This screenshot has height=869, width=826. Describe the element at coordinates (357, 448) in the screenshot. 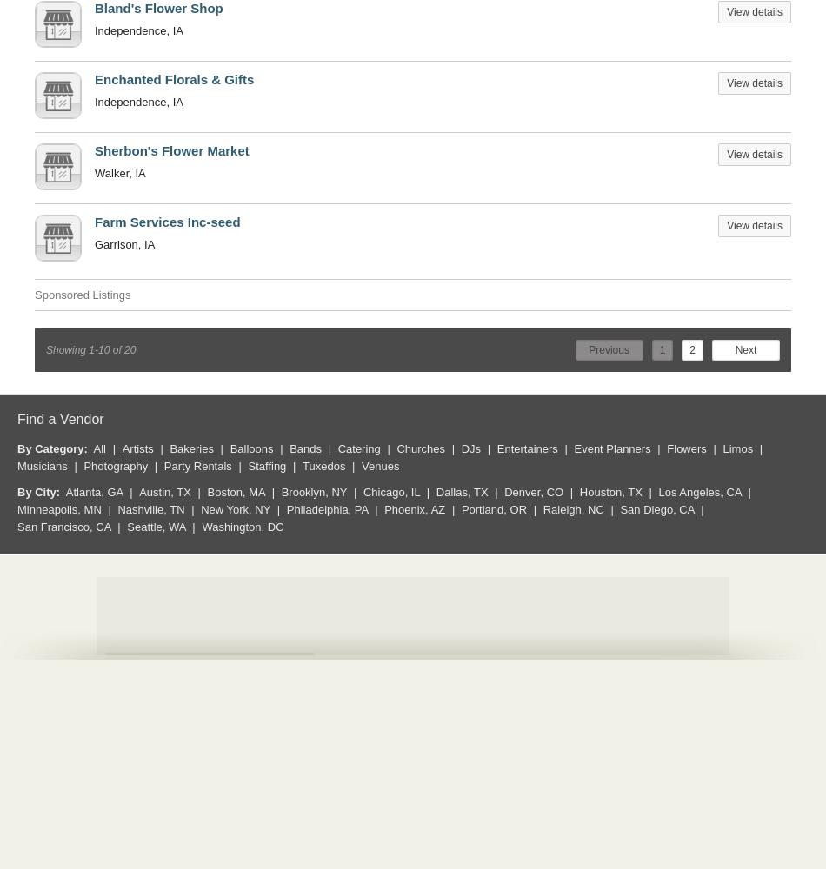

I see `'Catering'` at that location.